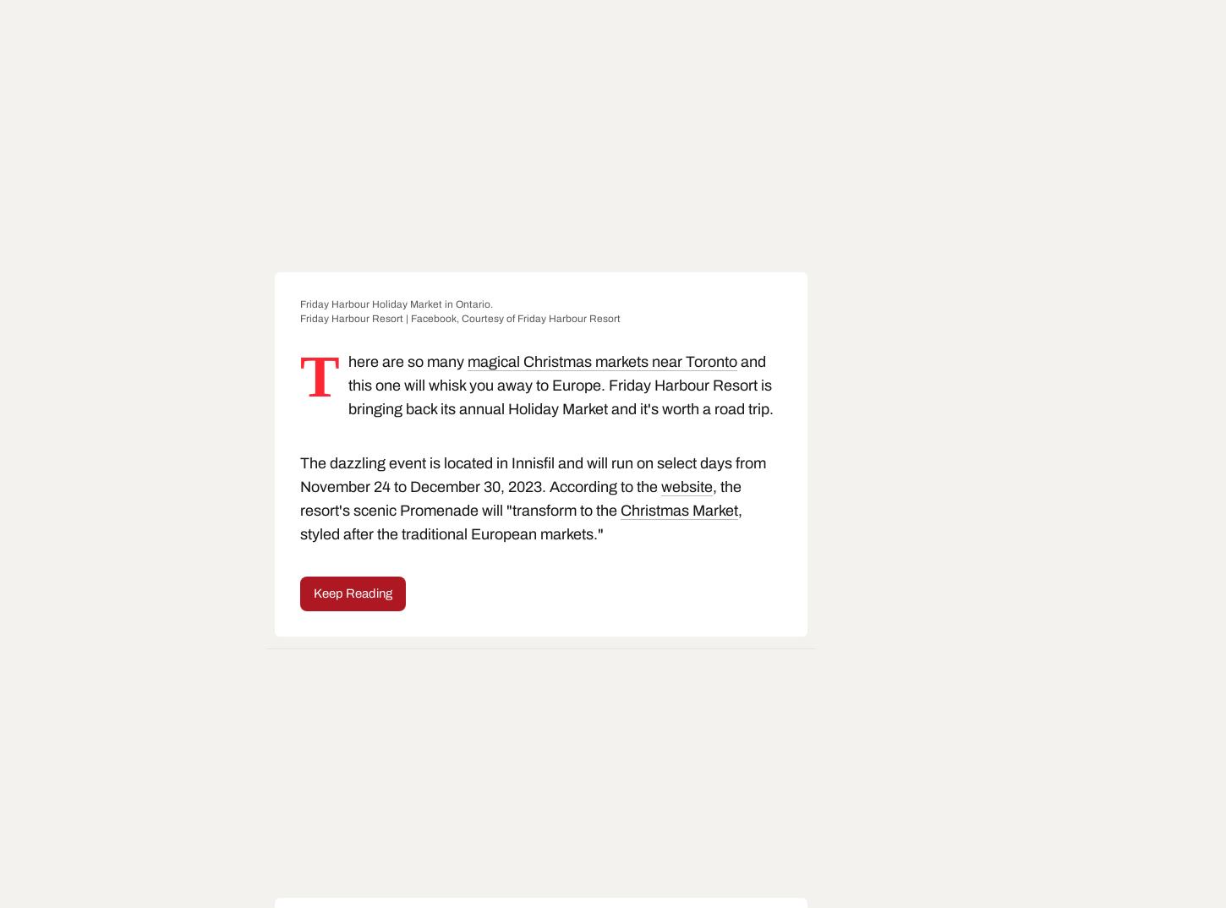 This screenshot has height=908, width=1226. Describe the element at coordinates (519, 496) in the screenshot. I see `', the resort's scenic Promenade will "transform to the'` at that location.